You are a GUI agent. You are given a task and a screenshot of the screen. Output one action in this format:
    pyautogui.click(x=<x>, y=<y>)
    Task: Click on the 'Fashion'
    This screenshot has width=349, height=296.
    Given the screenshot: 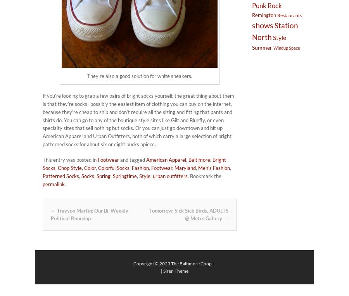 What is the action you would take?
    pyautogui.click(x=140, y=168)
    